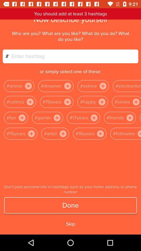 This screenshot has width=141, height=251. I want to click on plus icon next to text 19 years, so click(67, 101).